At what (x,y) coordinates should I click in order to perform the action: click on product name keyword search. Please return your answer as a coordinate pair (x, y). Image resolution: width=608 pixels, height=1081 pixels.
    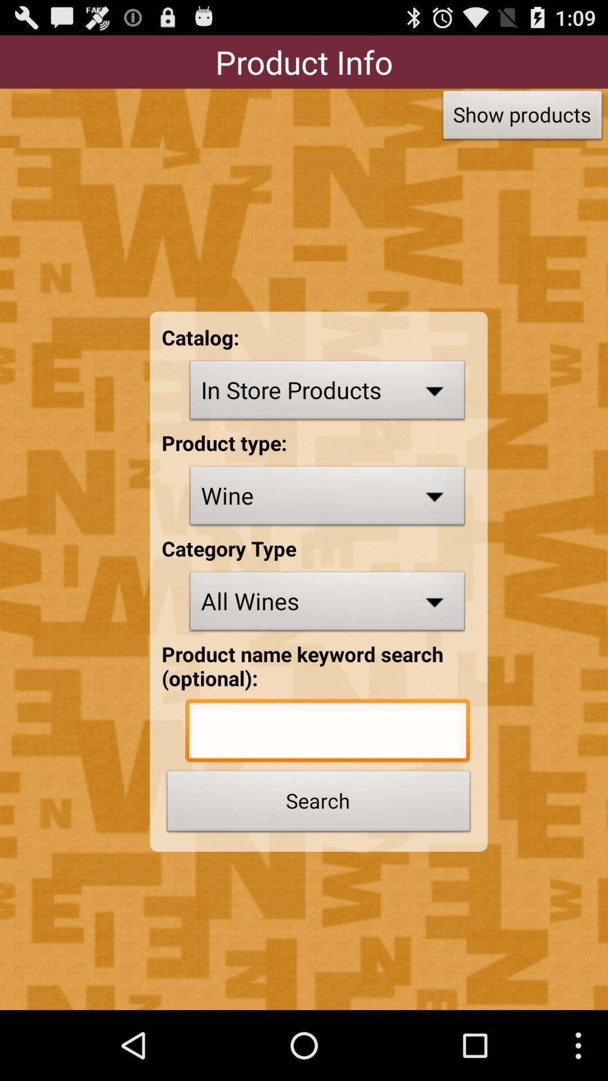
    Looking at the image, I should click on (328, 733).